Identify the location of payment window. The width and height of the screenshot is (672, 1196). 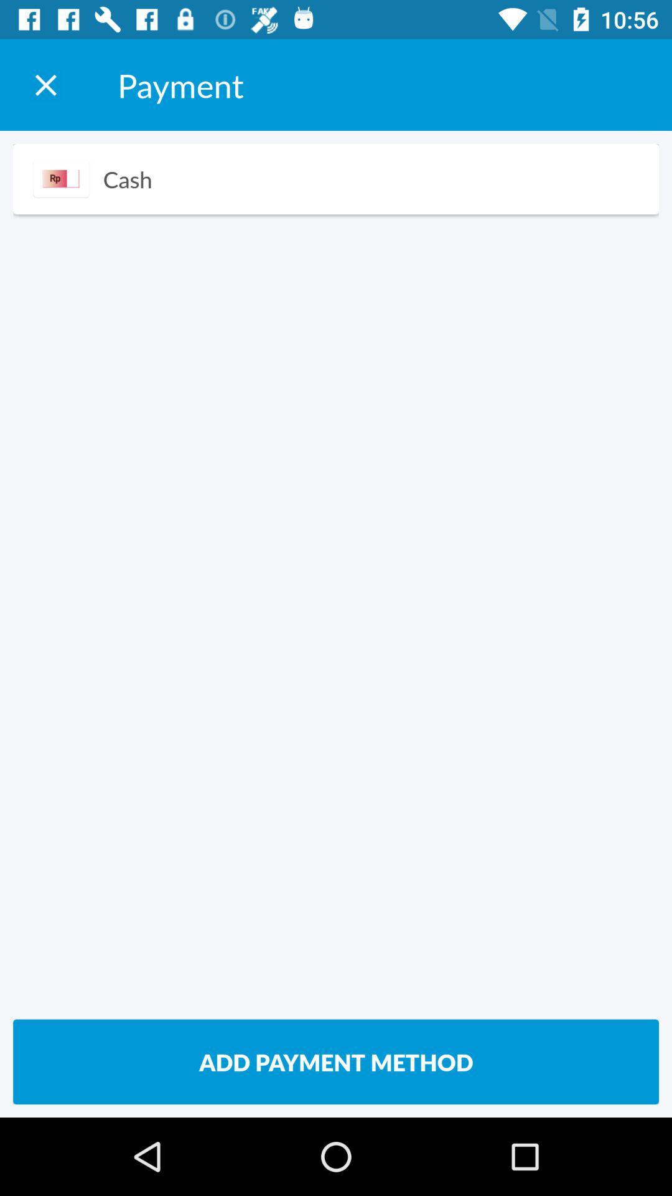
(45, 84).